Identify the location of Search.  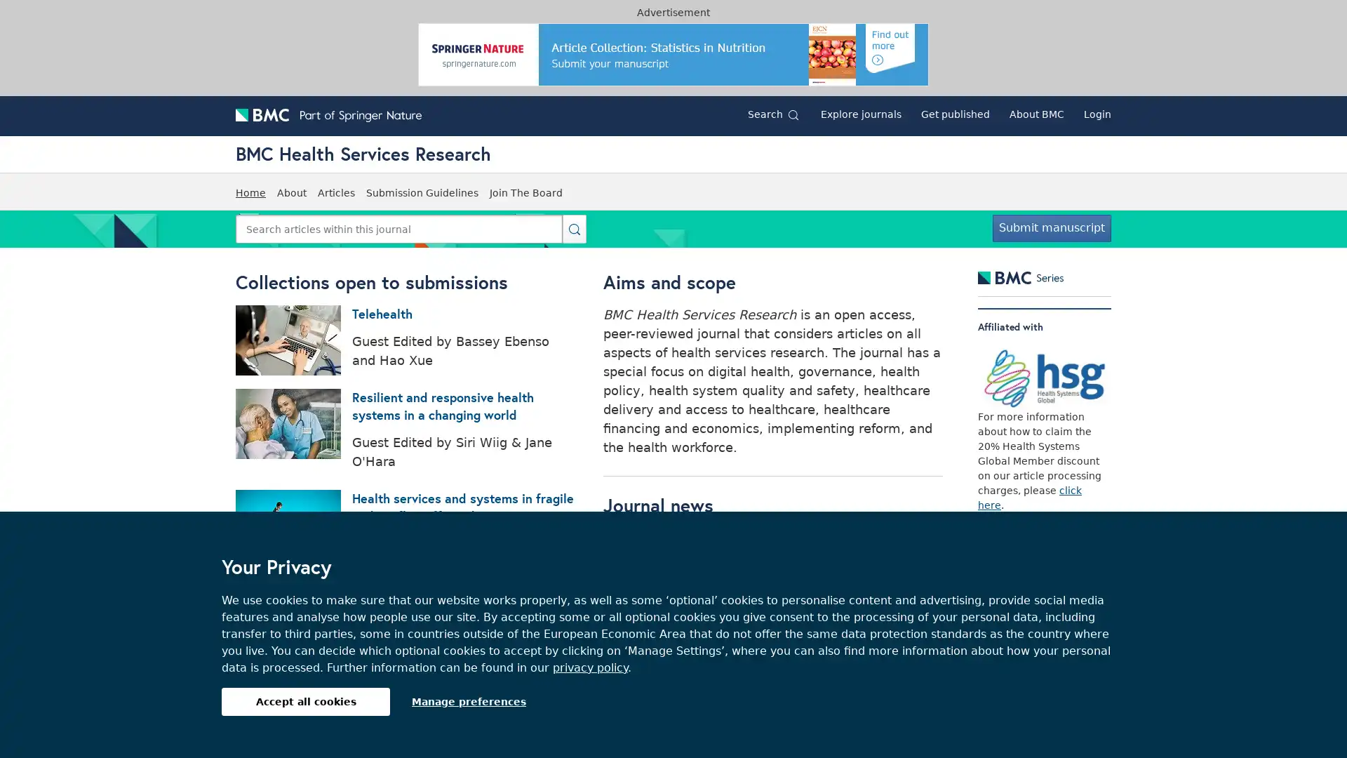
(575, 228).